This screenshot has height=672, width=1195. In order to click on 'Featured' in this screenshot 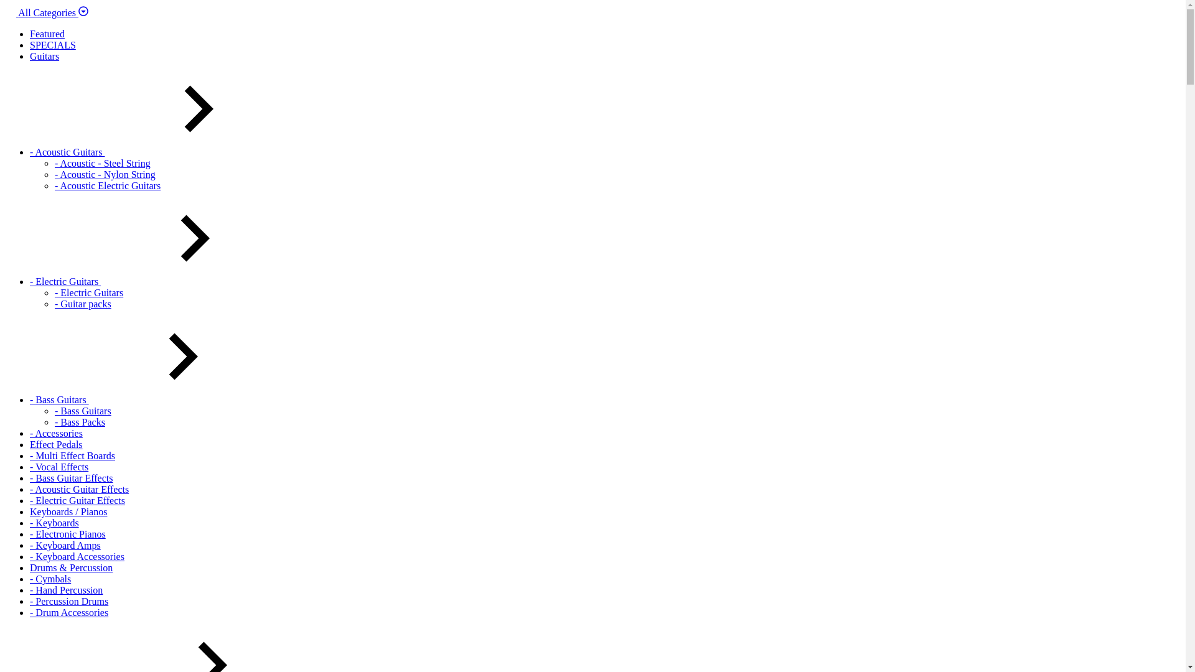, I will do `click(47, 33)`.